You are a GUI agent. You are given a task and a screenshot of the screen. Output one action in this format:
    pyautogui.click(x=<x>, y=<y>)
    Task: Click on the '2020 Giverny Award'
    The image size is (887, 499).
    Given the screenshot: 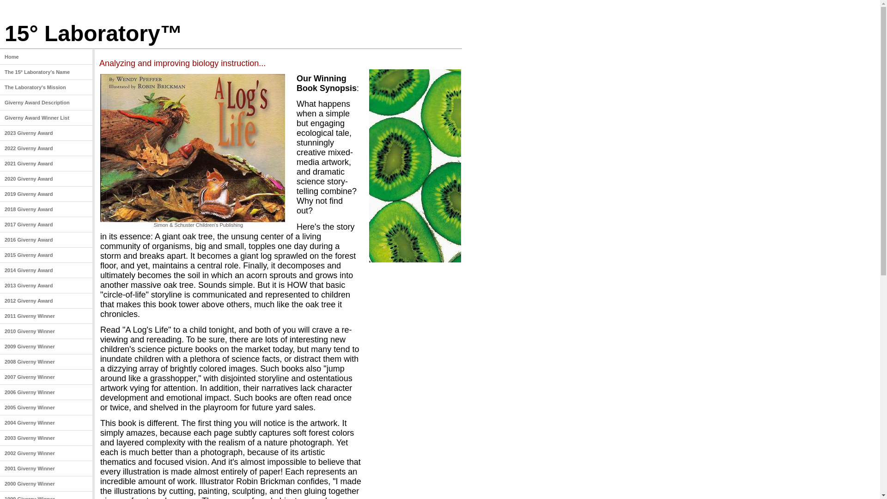 What is the action you would take?
    pyautogui.click(x=46, y=179)
    